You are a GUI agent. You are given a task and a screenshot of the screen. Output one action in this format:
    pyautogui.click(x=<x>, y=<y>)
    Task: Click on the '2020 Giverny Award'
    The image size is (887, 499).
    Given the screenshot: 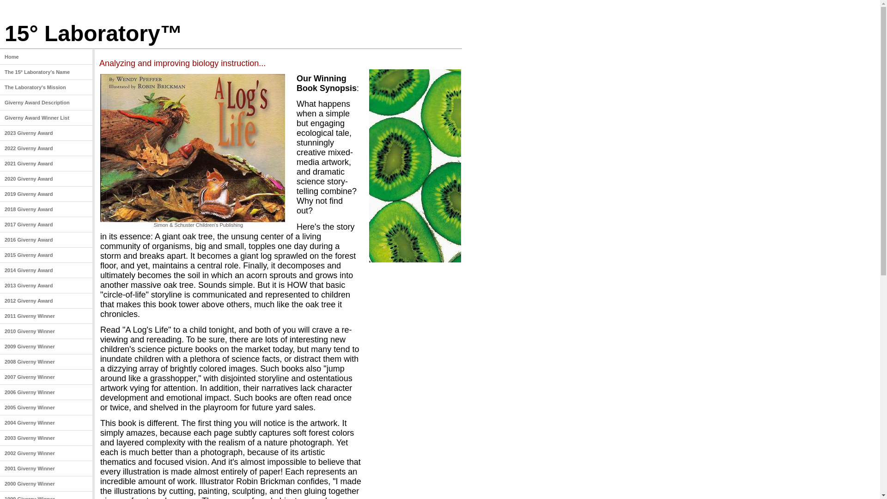 What is the action you would take?
    pyautogui.click(x=46, y=179)
    